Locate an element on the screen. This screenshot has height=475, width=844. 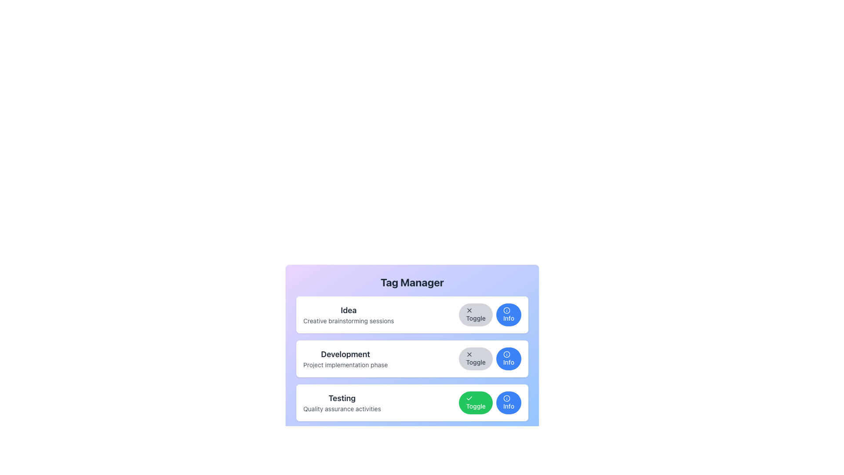
the circular base of the 'info' icon located at the rightmost position of the 'Idea' section in the Tag Manager interface is located at coordinates (506, 310).